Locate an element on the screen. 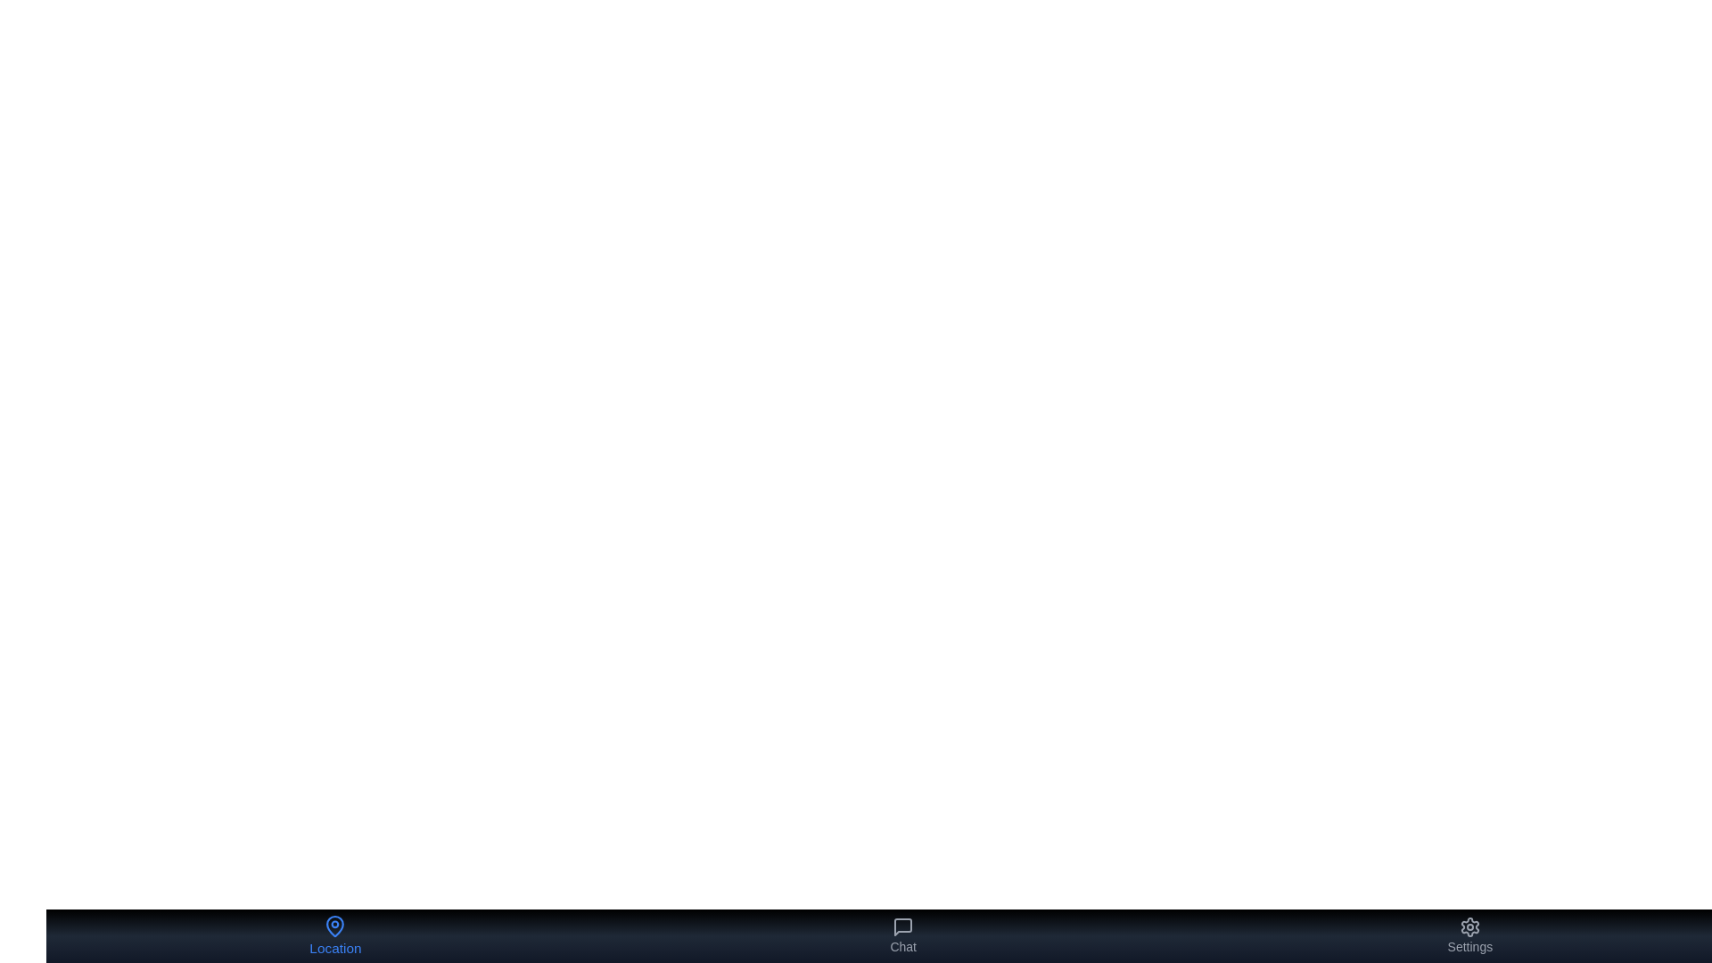  the 'Settings' button in the bottom navigation bar is located at coordinates (1469, 934).